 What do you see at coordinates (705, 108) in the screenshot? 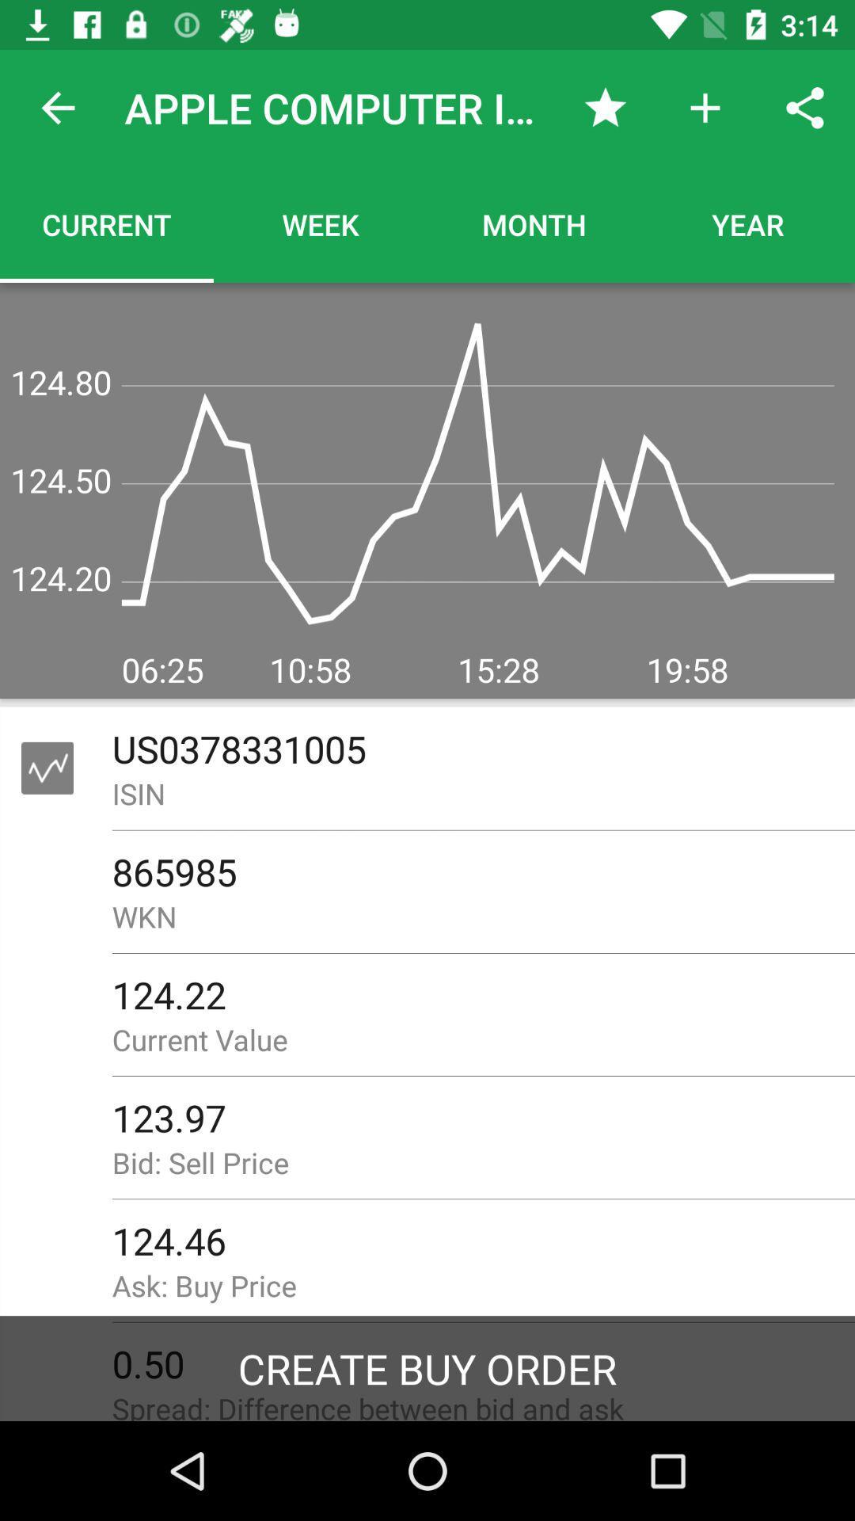
I see `tap the  icon which is to the left of share icon` at bounding box center [705, 108].